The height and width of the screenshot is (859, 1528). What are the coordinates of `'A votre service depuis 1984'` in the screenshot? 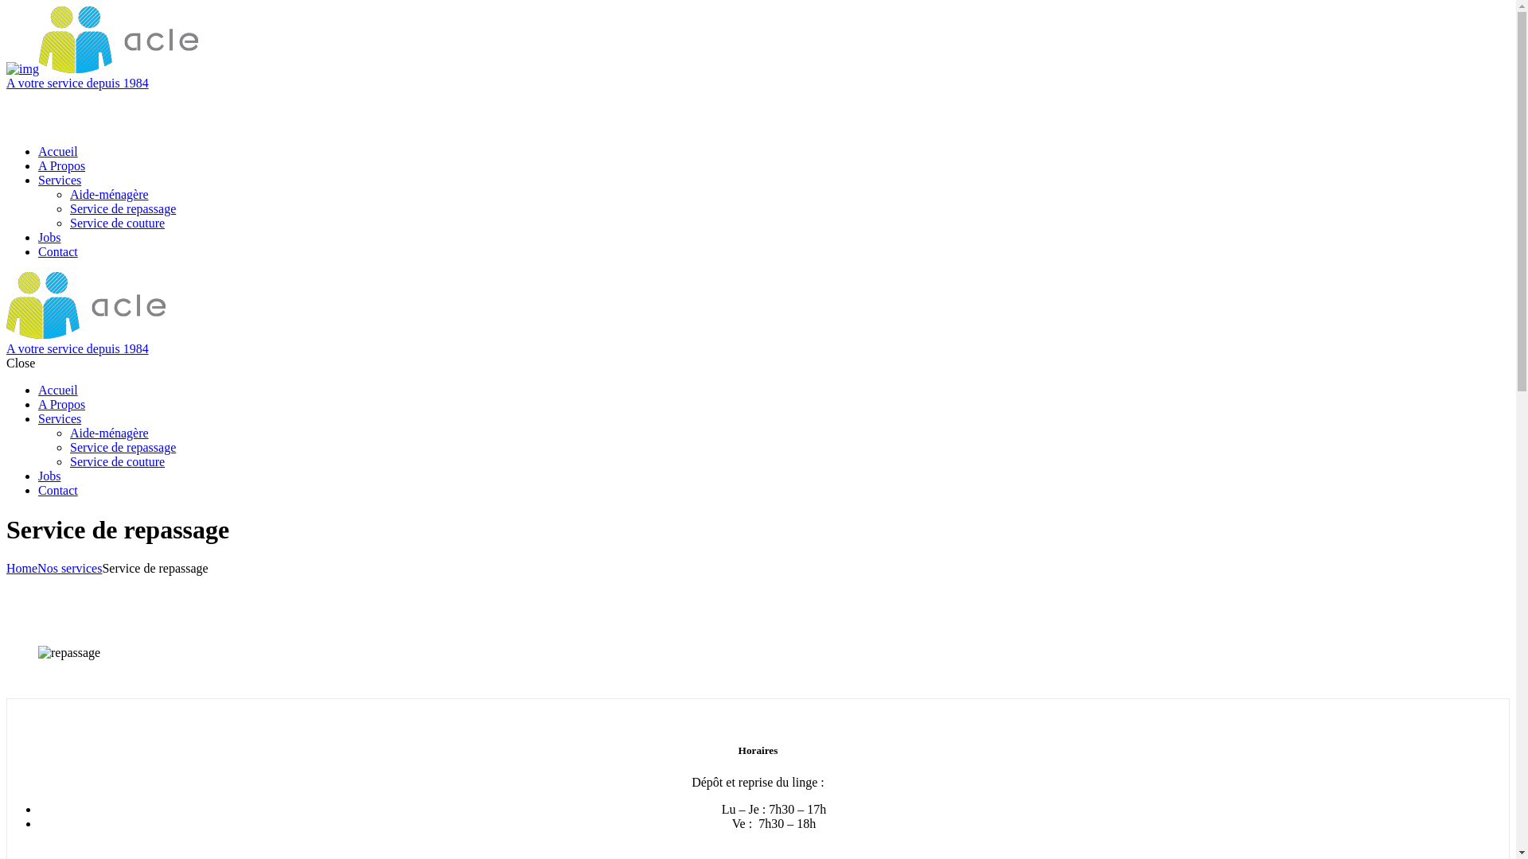 It's located at (6, 76).